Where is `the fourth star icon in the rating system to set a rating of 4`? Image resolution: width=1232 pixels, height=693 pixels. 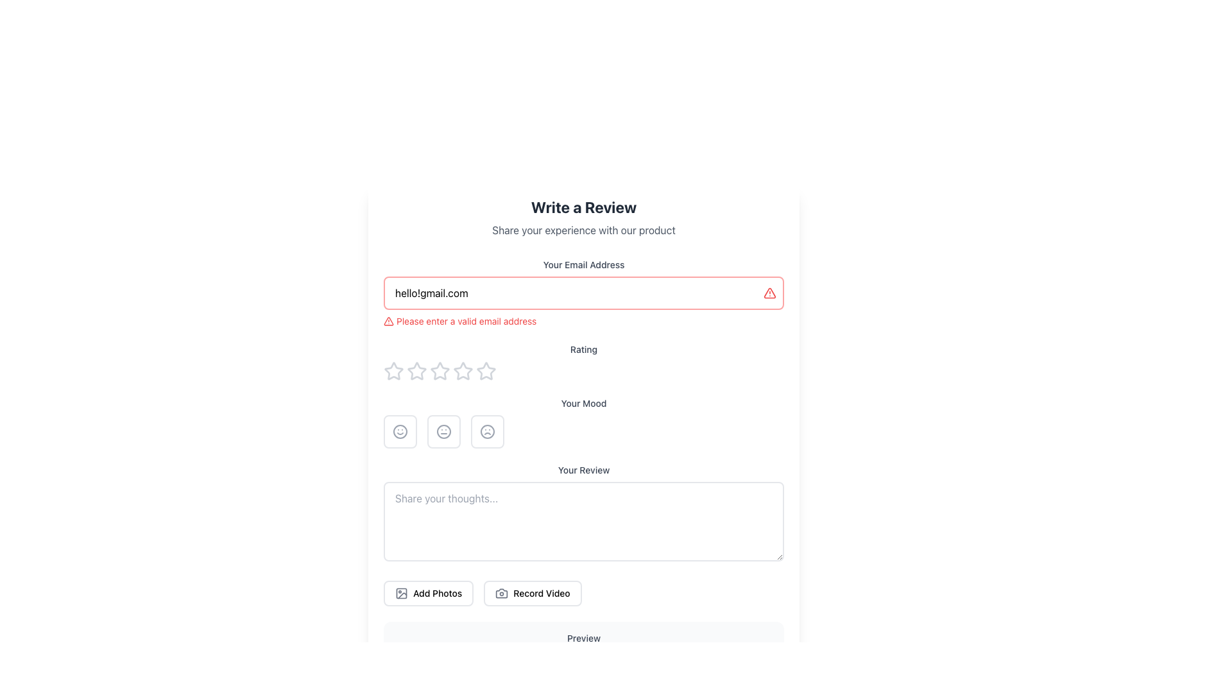 the fourth star icon in the rating system to set a rating of 4 is located at coordinates (462, 371).